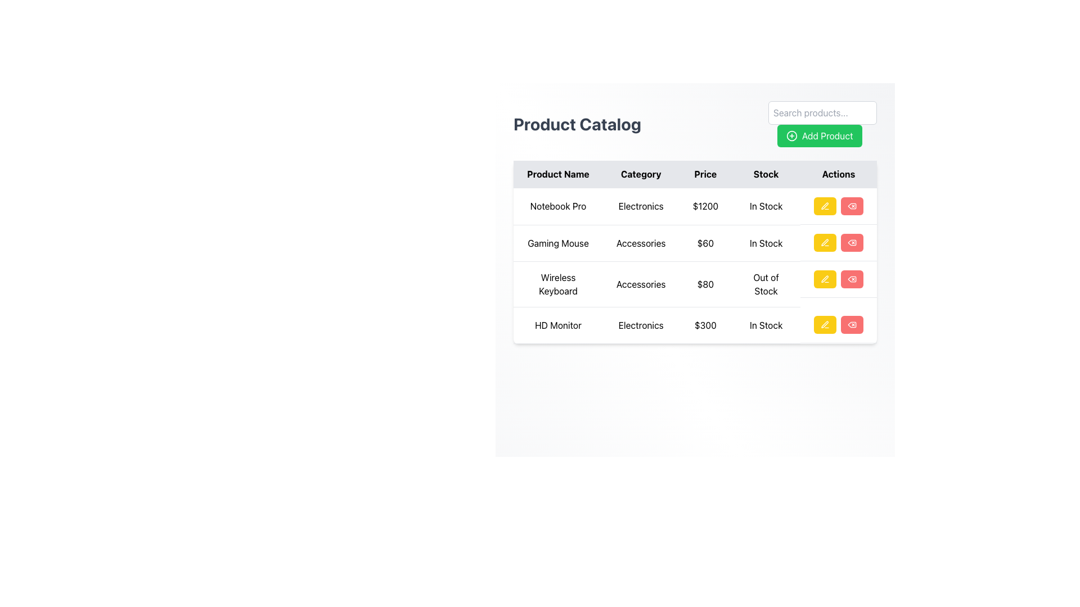 The height and width of the screenshot is (607, 1080). Describe the element at coordinates (558, 174) in the screenshot. I see `the 'Product Name' text label, which is the first column header in a table, displayed in bold black font against a light gray background` at that location.